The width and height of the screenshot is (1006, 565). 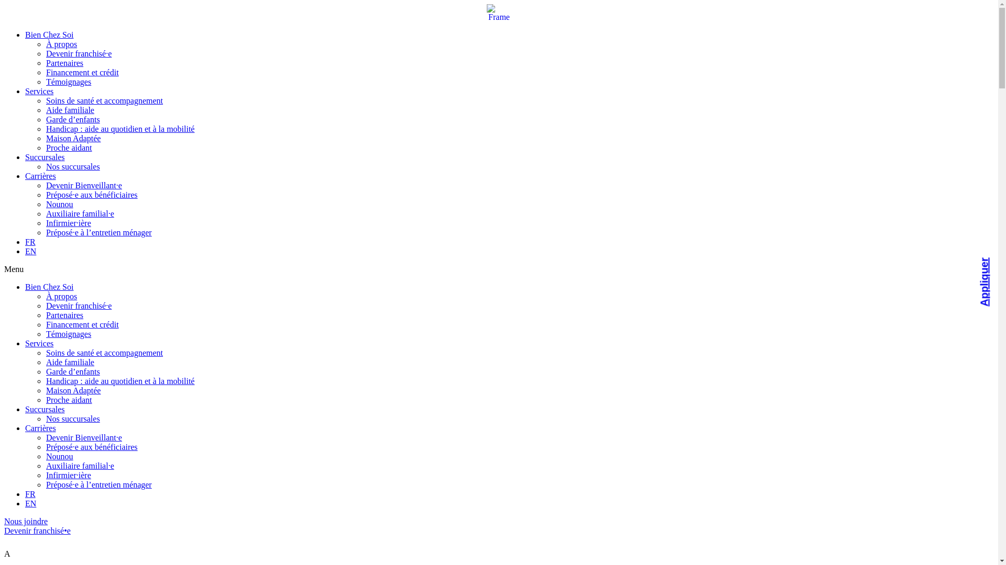 I want to click on 'Services', so click(x=39, y=91).